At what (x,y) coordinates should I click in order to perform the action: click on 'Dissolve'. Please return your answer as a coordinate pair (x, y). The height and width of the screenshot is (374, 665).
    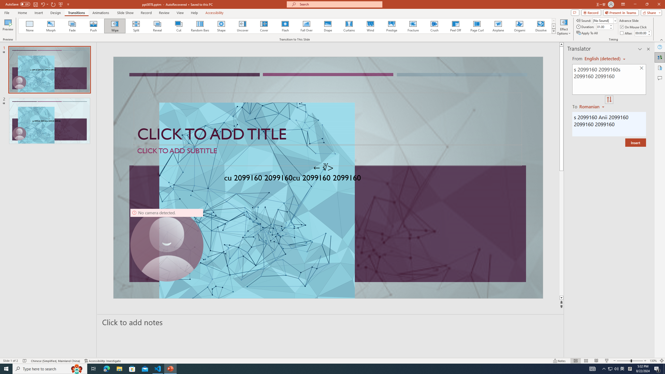
    Looking at the image, I should click on (540, 26).